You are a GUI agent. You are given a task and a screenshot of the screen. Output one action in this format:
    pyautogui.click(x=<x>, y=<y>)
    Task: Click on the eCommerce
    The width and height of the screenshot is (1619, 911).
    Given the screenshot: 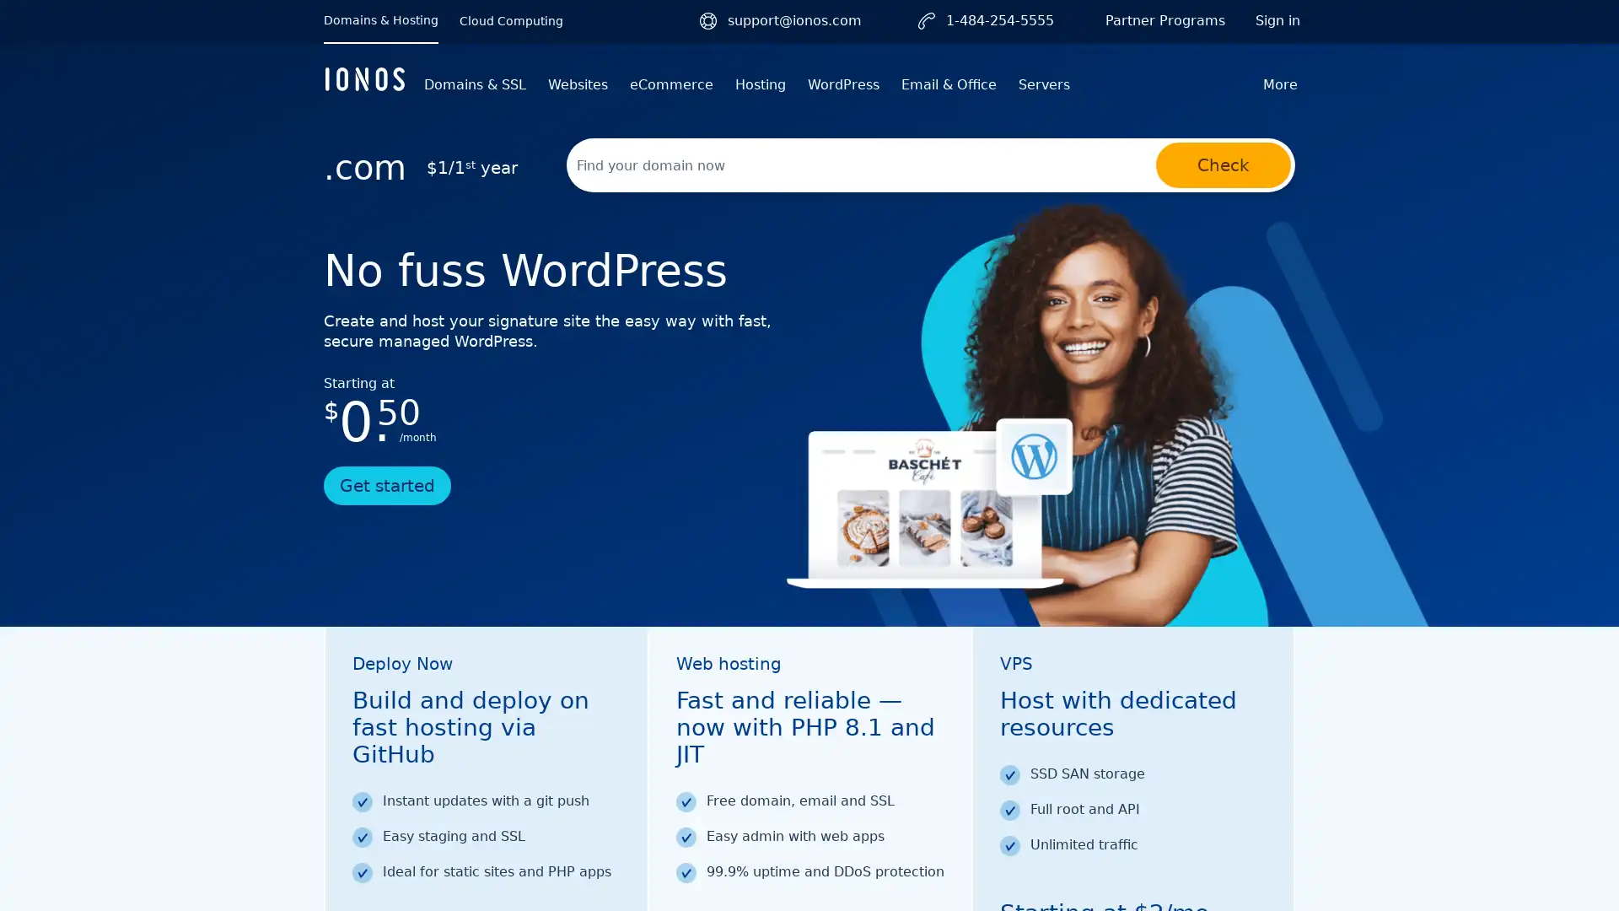 What is the action you would take?
    pyautogui.click(x=659, y=84)
    